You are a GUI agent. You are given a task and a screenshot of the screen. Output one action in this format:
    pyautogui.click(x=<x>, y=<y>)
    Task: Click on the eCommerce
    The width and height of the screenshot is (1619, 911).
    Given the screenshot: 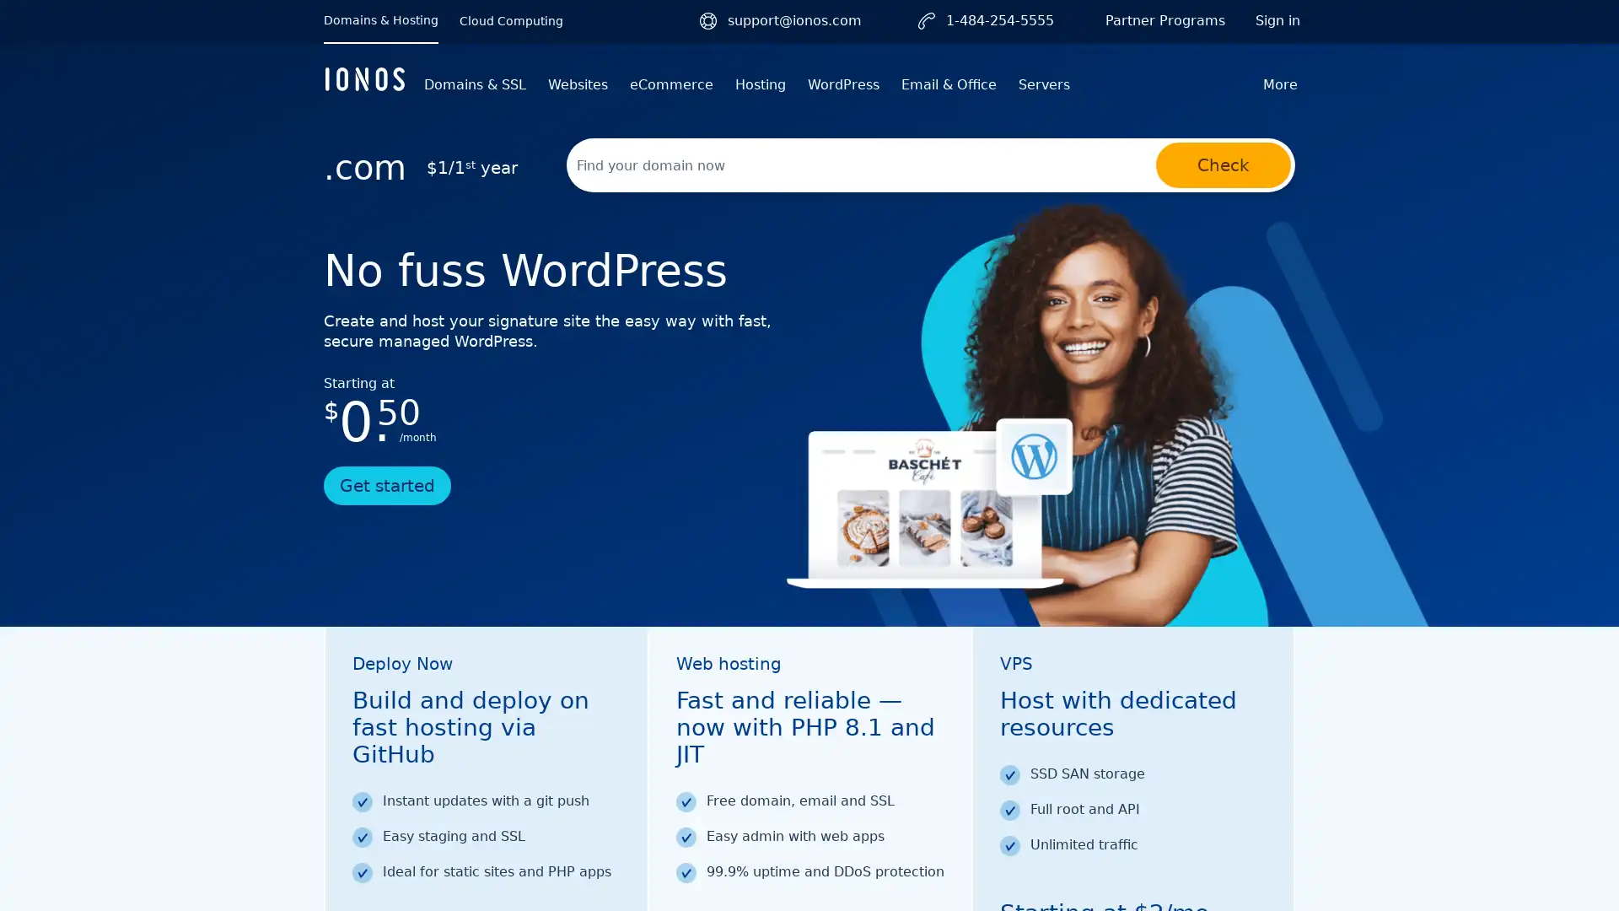 What is the action you would take?
    pyautogui.click(x=659, y=84)
    